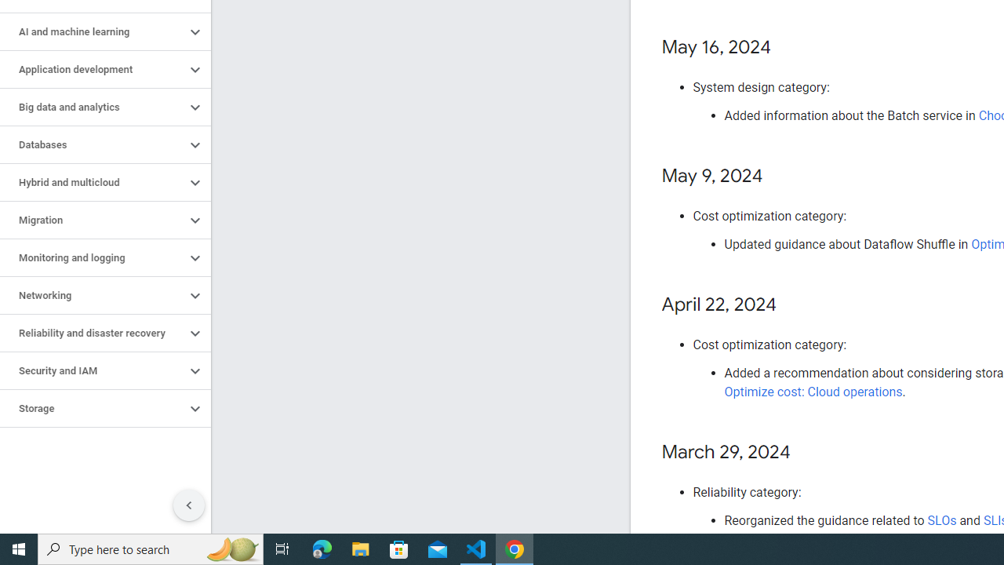  What do you see at coordinates (92, 181) in the screenshot?
I see `'Hybrid and multicloud'` at bounding box center [92, 181].